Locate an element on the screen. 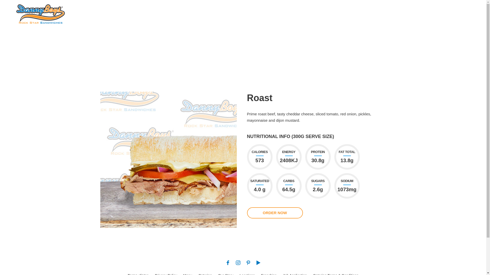 This screenshot has height=275, width=490. 'ORDER NOW' is located at coordinates (275, 213).